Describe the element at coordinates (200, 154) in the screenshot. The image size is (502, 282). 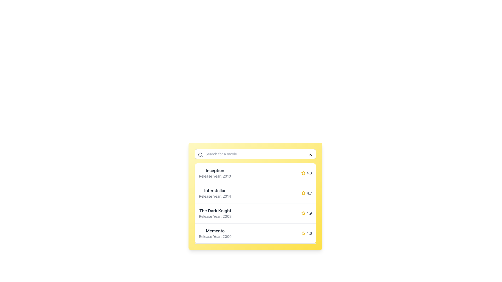
I see `the circular handle of the magnifying glass icon, which is positioned to the left of the search bar and enhances the search button's recognizability` at that location.